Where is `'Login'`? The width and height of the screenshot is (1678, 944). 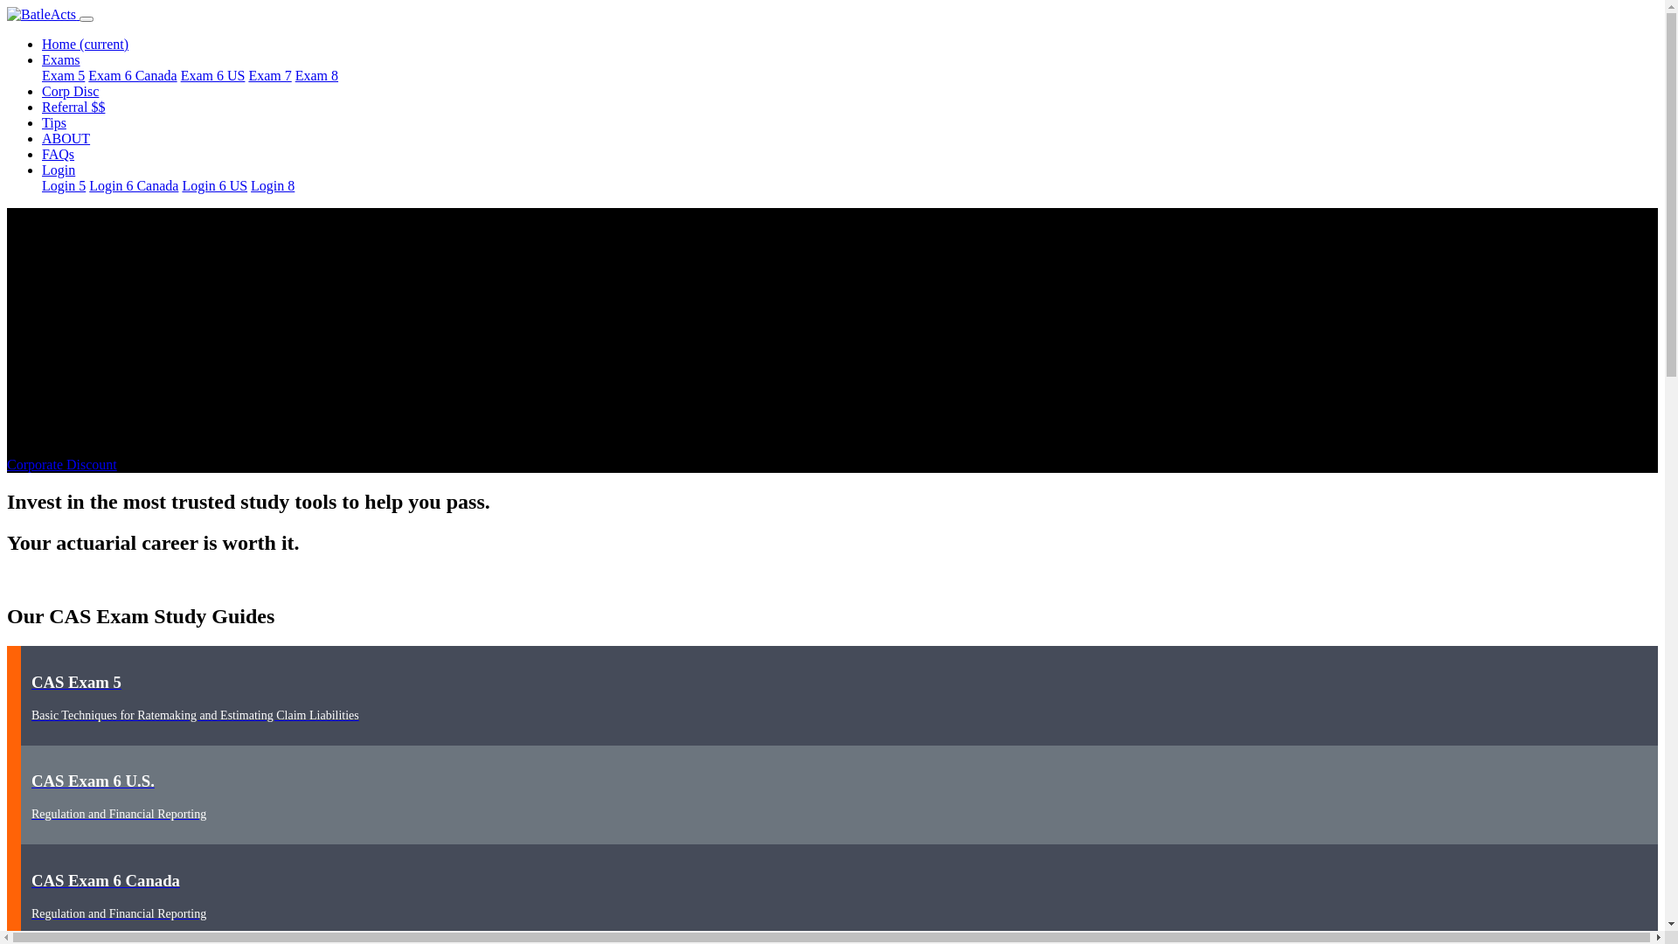
'Login' is located at coordinates (42, 170).